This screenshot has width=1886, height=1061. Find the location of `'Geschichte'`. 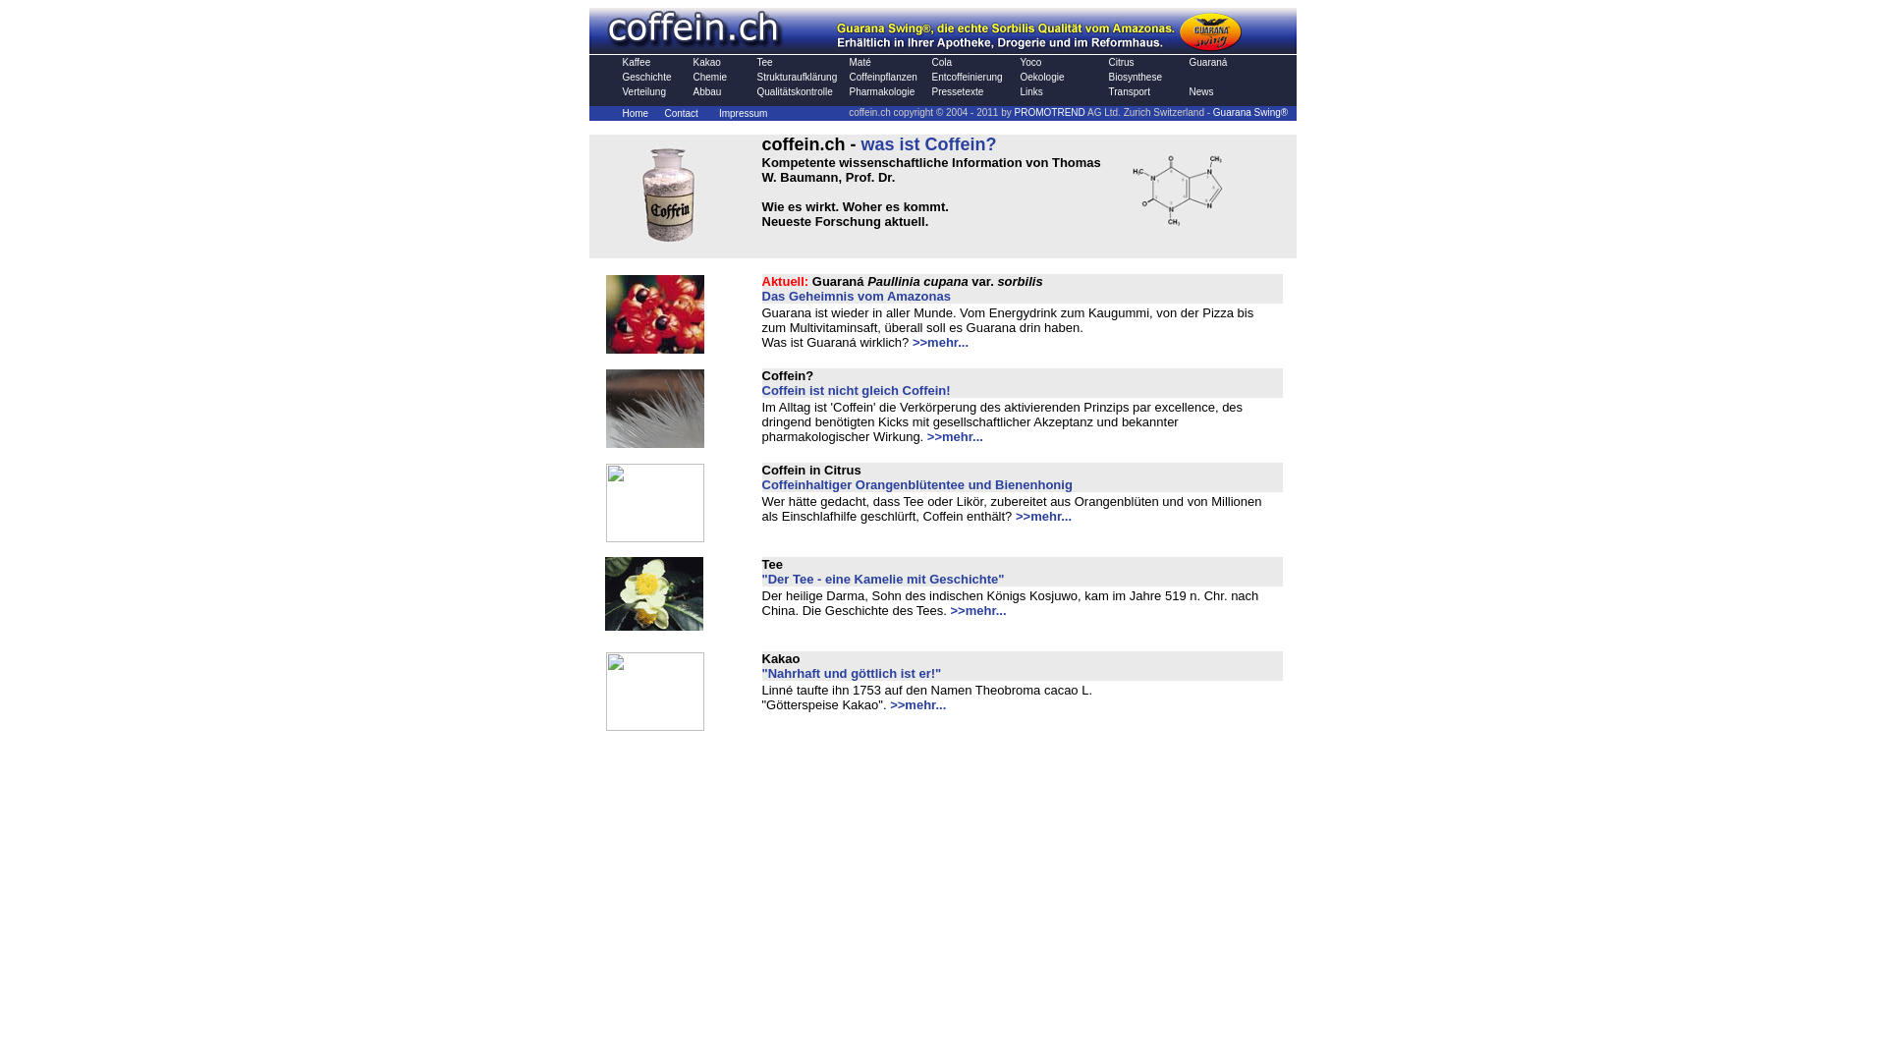

'Geschichte' is located at coordinates (646, 76).